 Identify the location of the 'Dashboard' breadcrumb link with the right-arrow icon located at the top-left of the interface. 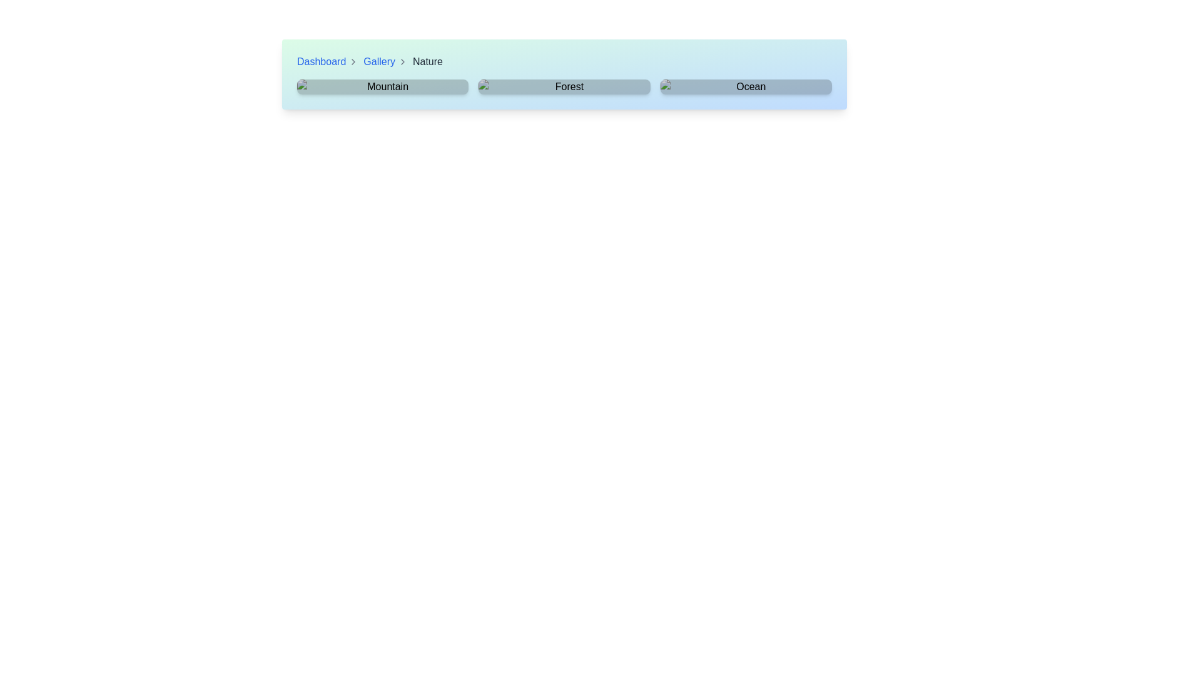
(328, 62).